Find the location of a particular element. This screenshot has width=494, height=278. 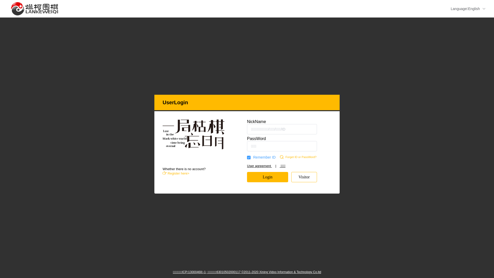

'User agreement' is located at coordinates (259, 166).